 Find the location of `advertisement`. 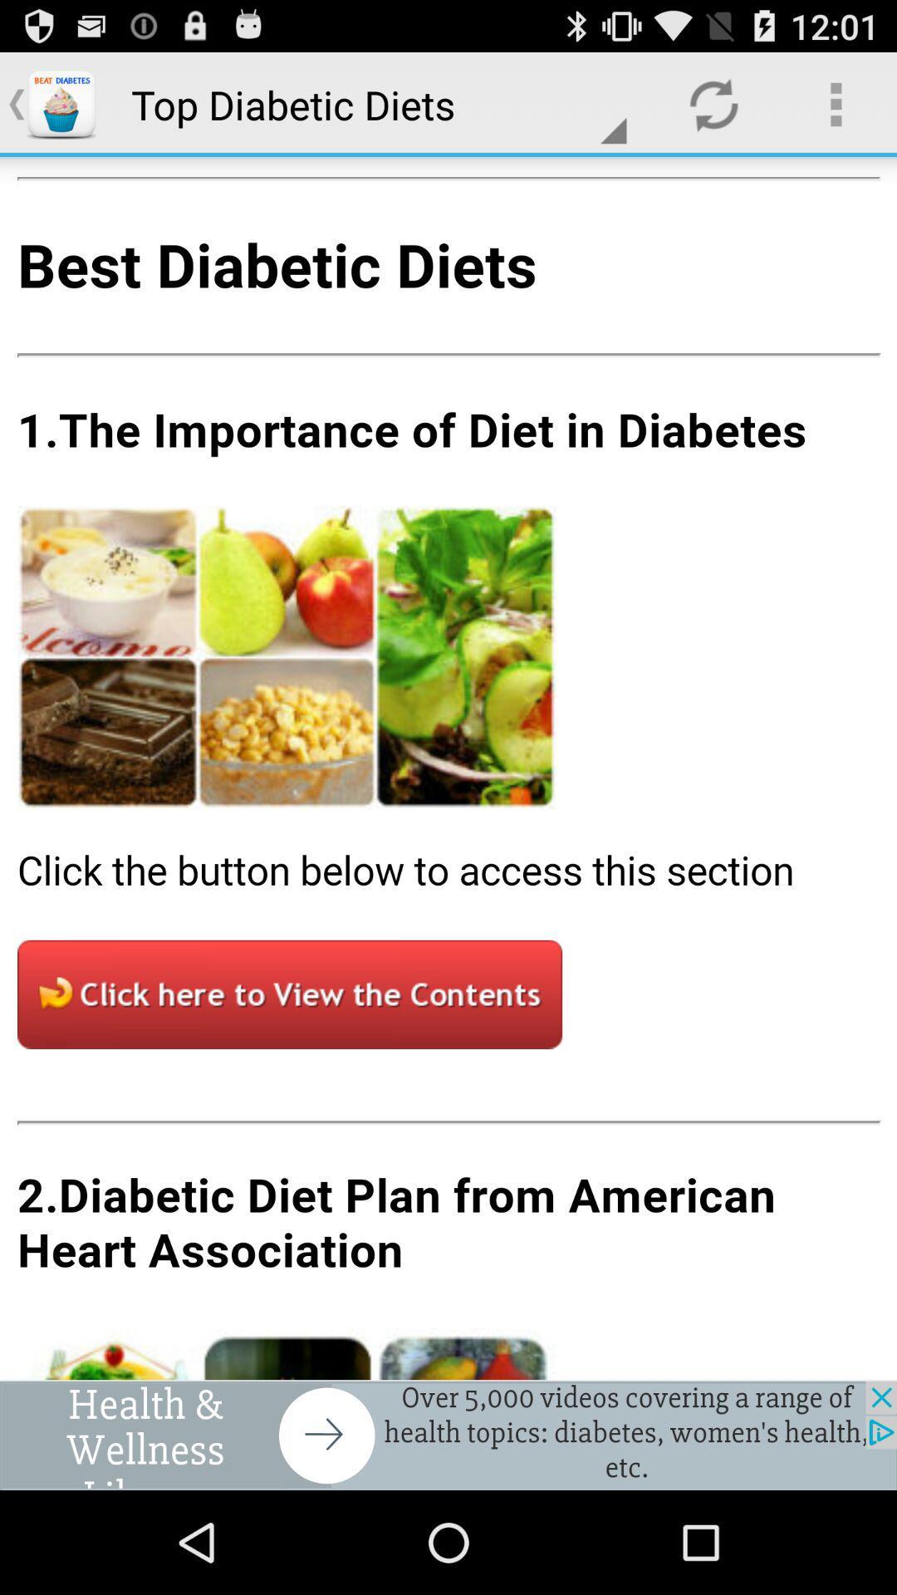

advertisement is located at coordinates (448, 1435).